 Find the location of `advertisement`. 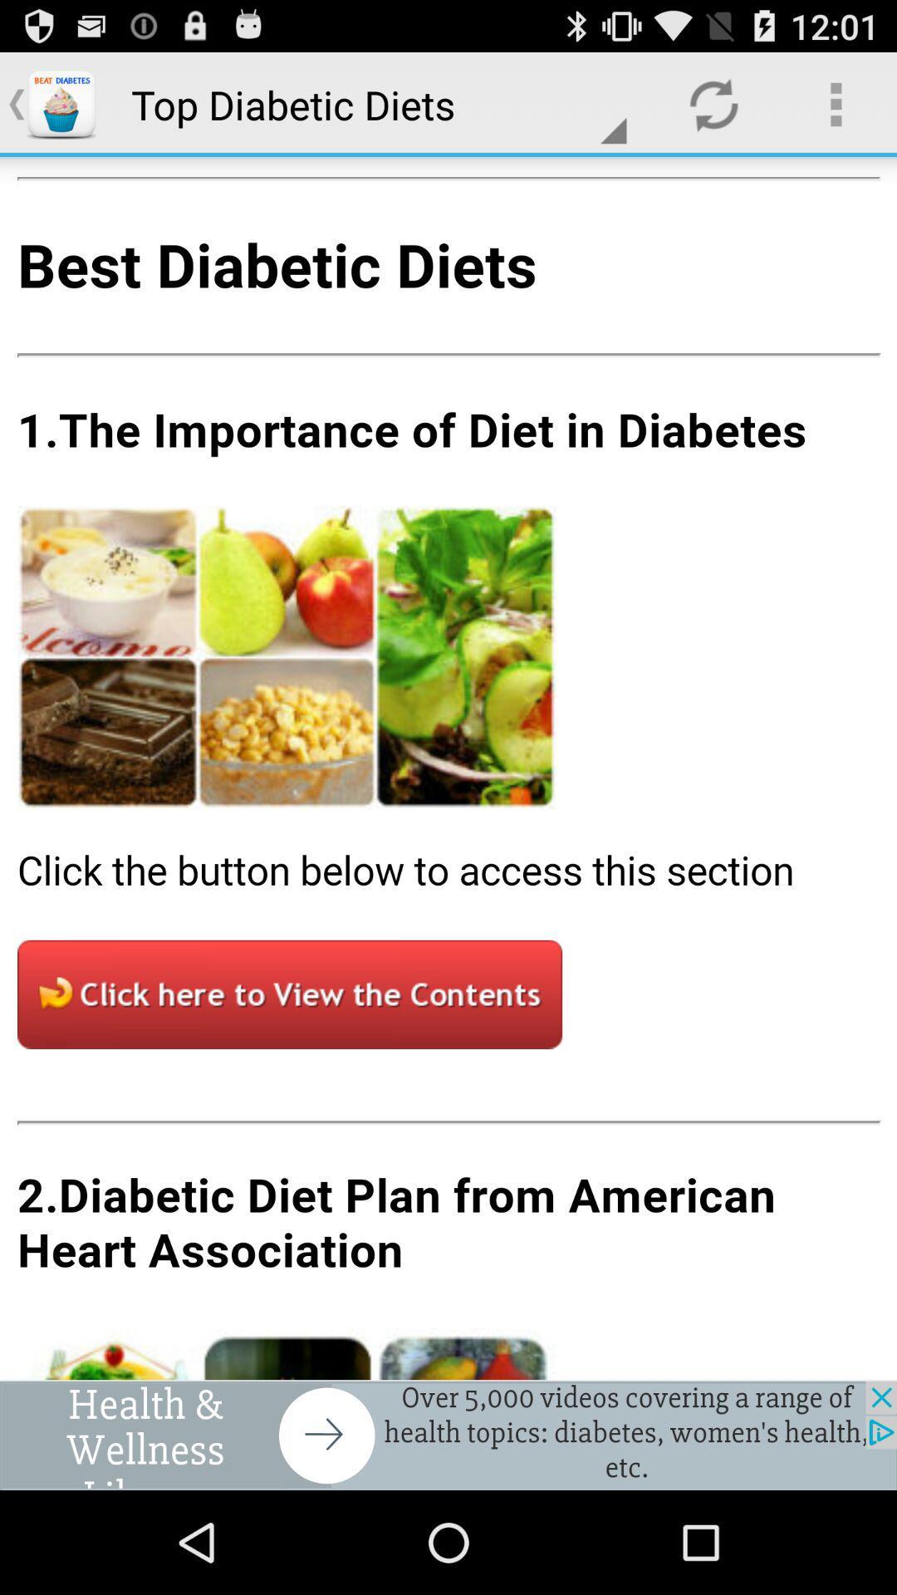

advertisement is located at coordinates (448, 1435).